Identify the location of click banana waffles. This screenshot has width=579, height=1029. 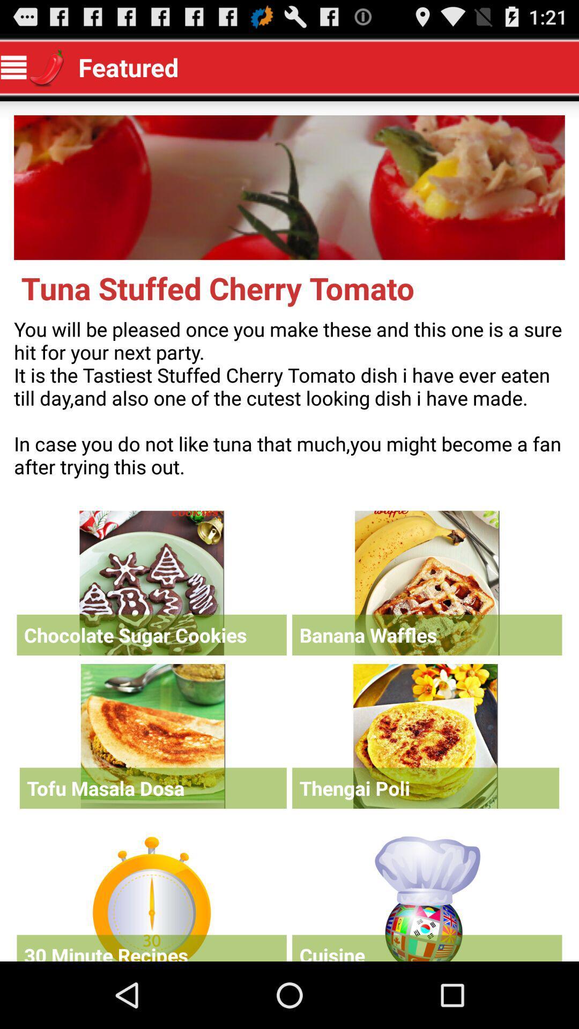
(426, 583).